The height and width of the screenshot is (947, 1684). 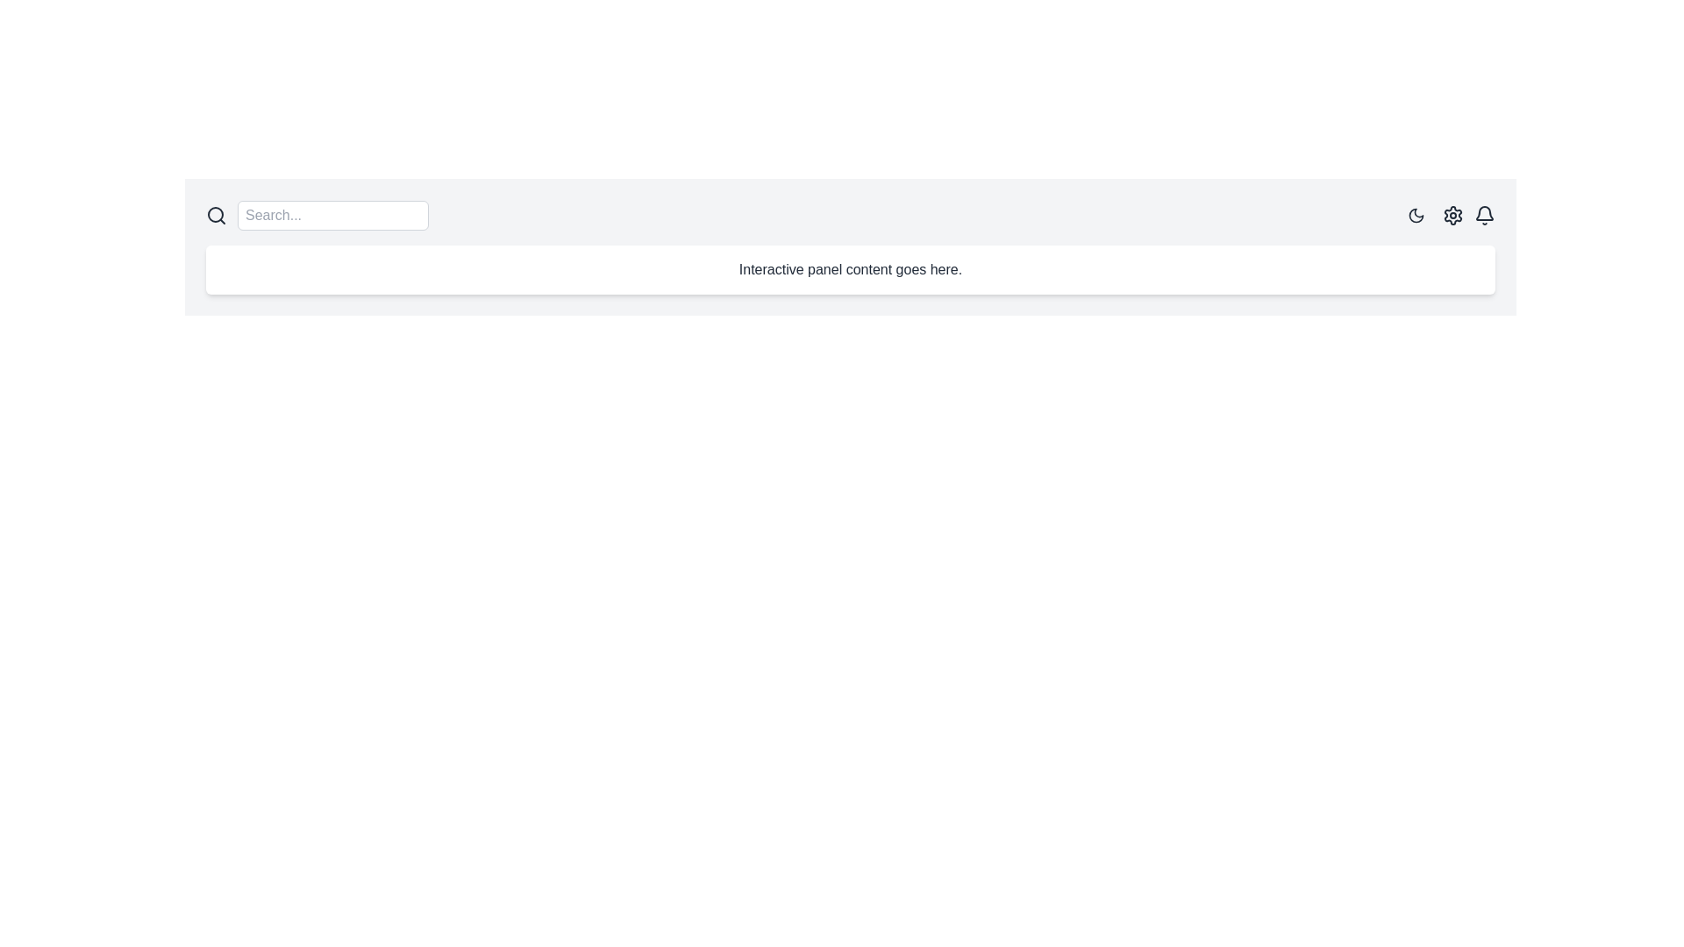 What do you see at coordinates (1484, 215) in the screenshot?
I see `the bell-shaped notification icon located on the rightmost side of the header bar` at bounding box center [1484, 215].